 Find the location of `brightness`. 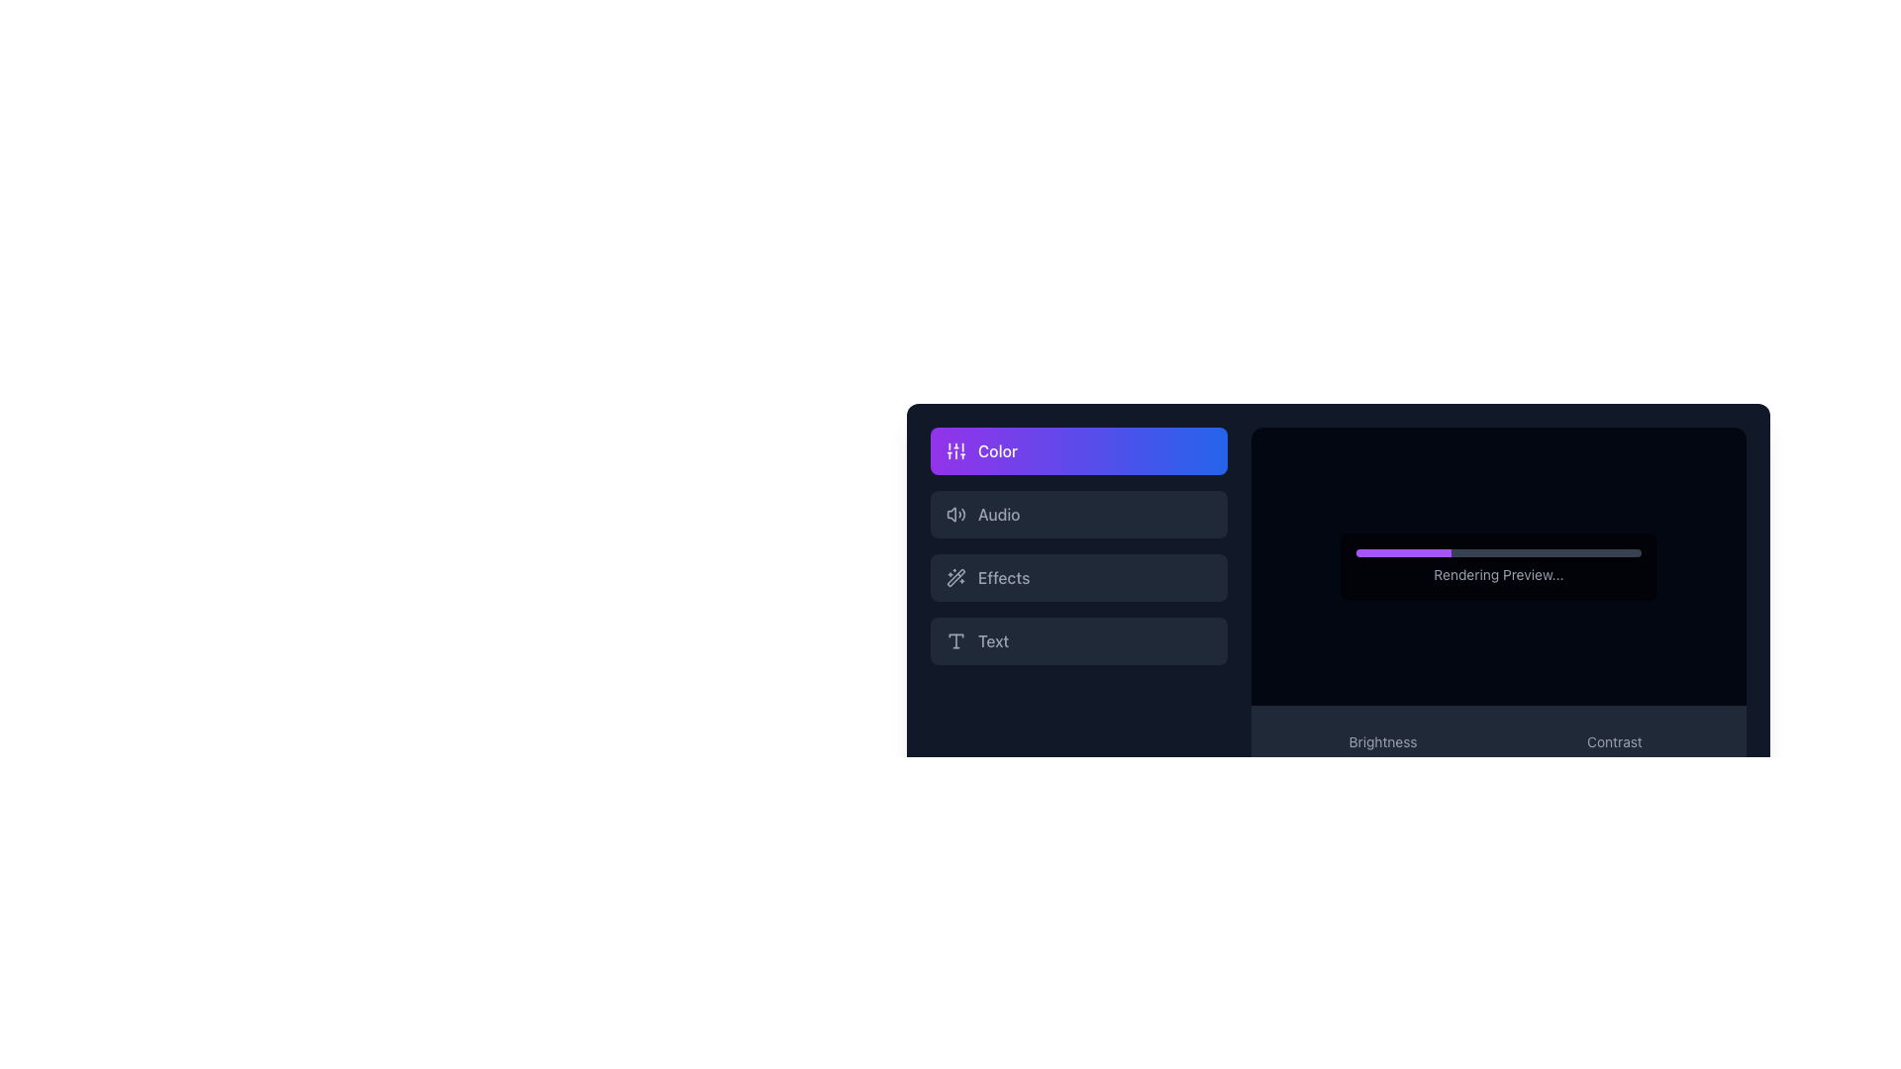

brightness is located at coordinates (1384, 767).